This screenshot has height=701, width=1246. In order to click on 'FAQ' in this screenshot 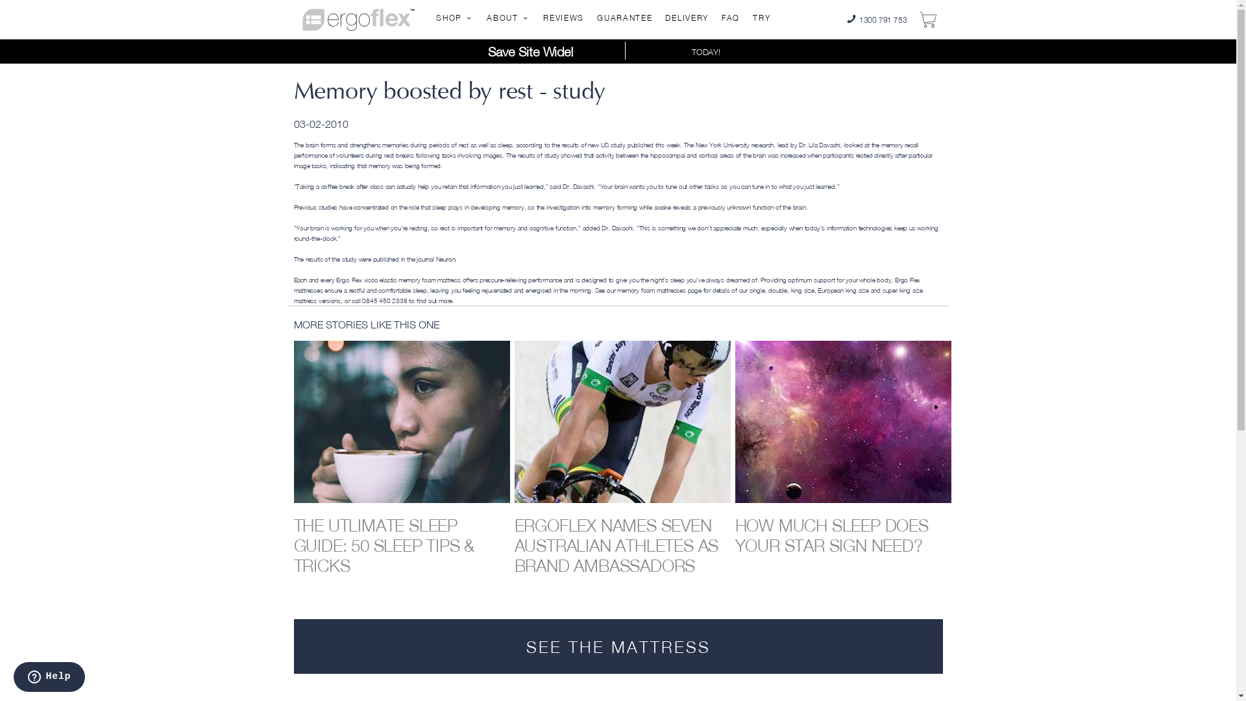, I will do `click(731, 18)`.